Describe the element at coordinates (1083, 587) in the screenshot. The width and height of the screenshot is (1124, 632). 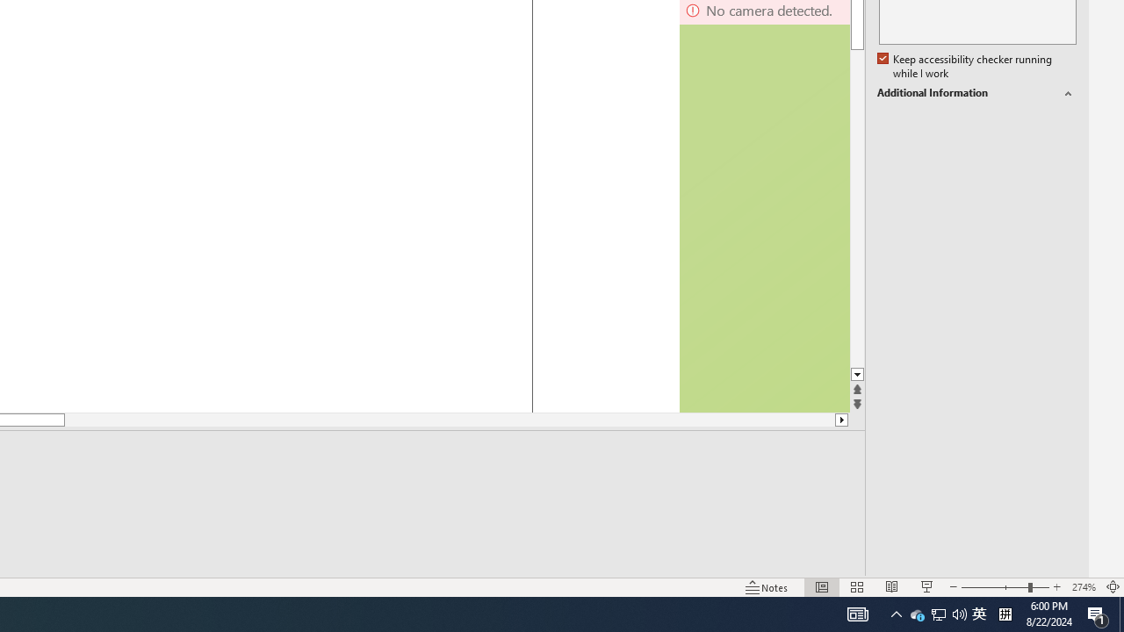
I see `'Zoom 274%'` at that location.